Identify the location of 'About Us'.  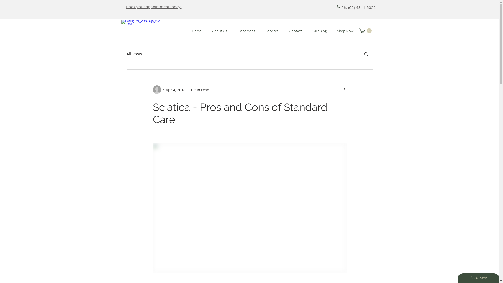
(220, 31).